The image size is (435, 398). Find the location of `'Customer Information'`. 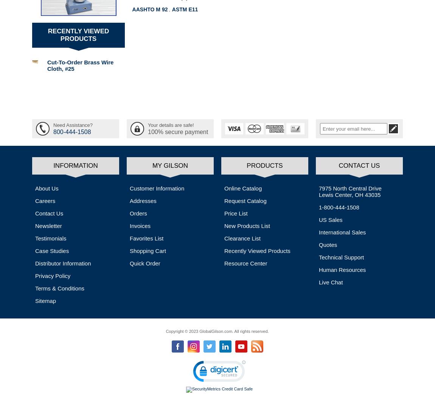

'Customer Information' is located at coordinates (157, 188).